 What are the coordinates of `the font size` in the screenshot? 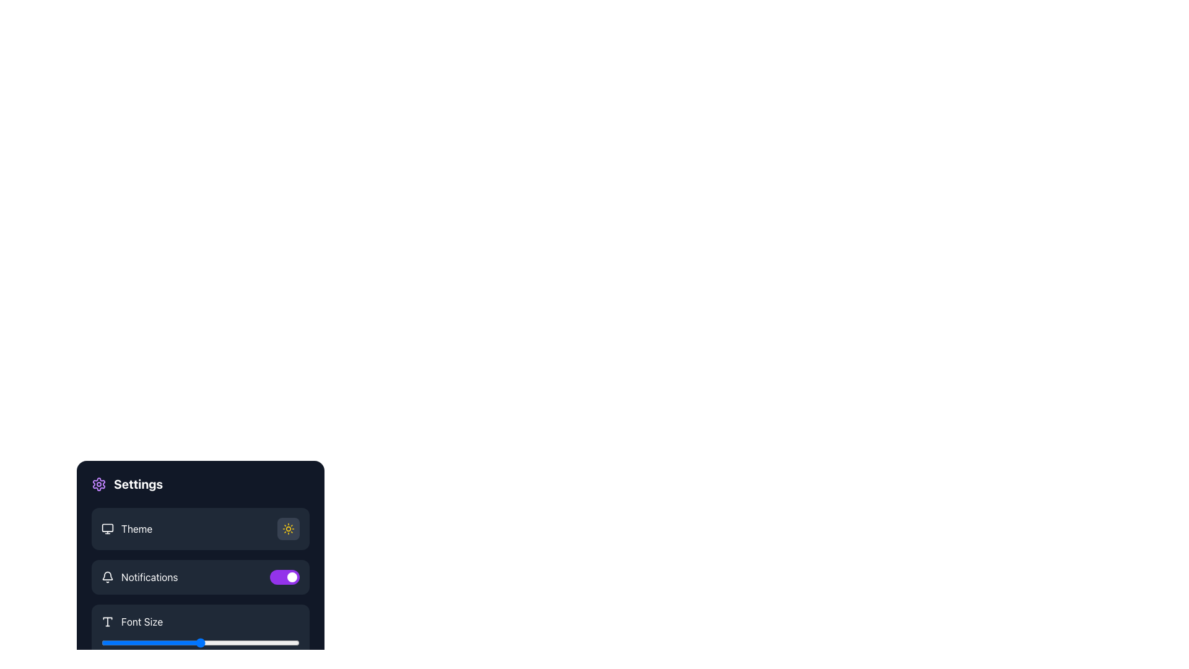 It's located at (261, 642).